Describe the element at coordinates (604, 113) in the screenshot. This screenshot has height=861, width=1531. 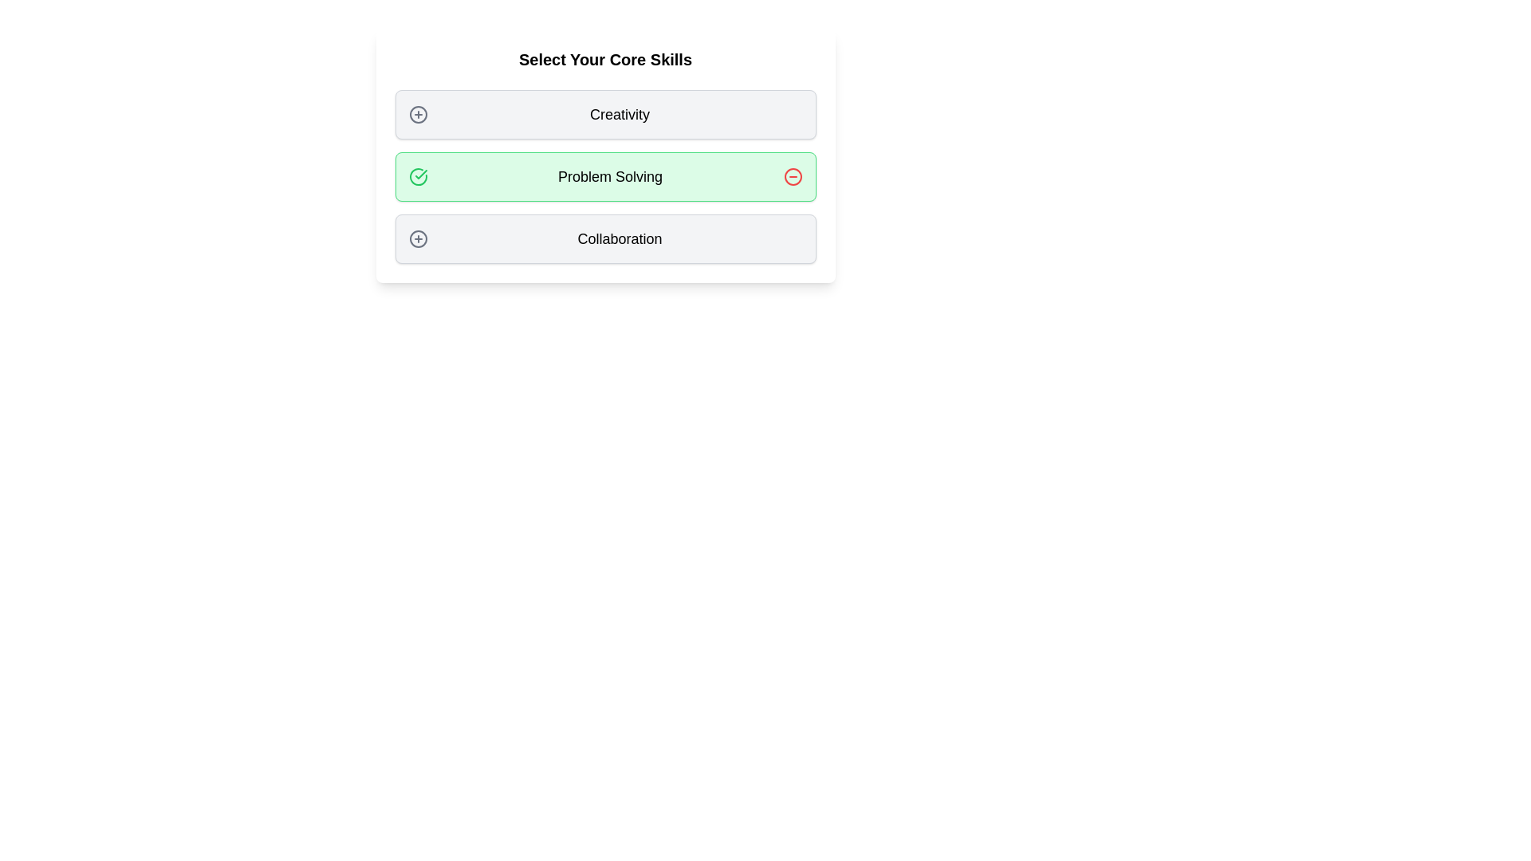
I see `the tag Creativity to toggle its selection state` at that location.